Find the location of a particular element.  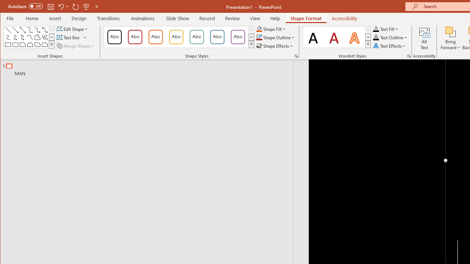

'Colored Outline - Dark Red, Accent 1' is located at coordinates (135, 37).